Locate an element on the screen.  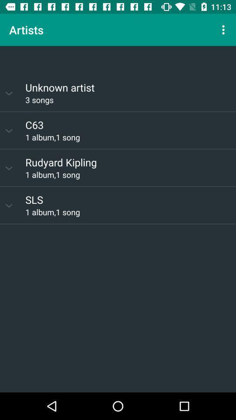
the icon to the right of the artists is located at coordinates (224, 30).